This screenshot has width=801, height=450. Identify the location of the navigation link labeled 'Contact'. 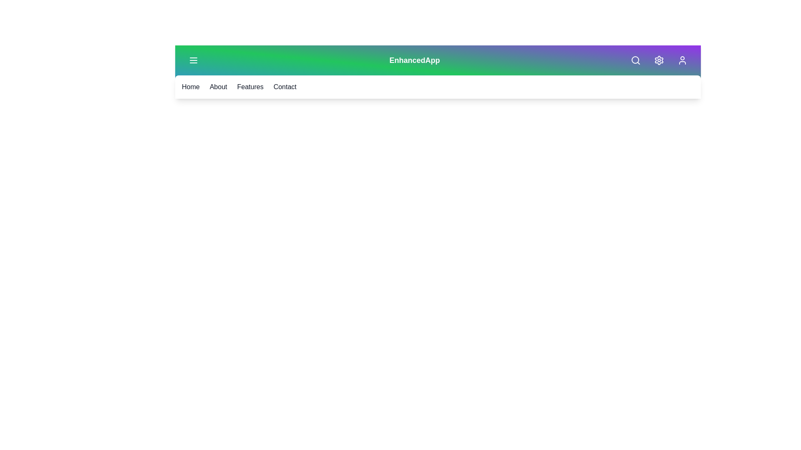
(285, 87).